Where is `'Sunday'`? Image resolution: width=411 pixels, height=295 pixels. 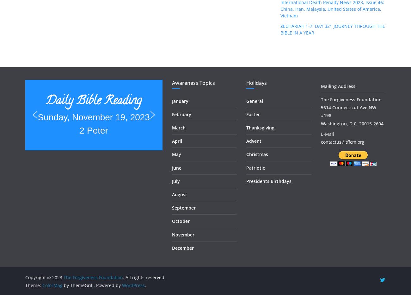
'Sunday' is located at coordinates (94, 82).